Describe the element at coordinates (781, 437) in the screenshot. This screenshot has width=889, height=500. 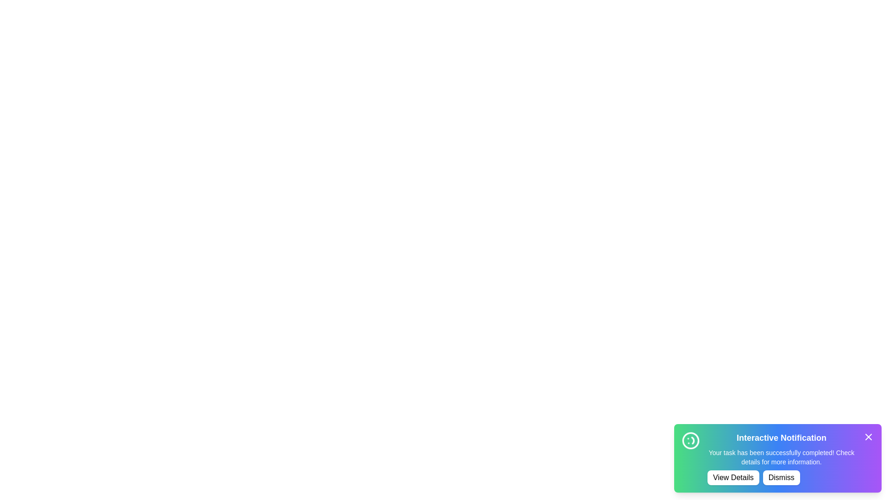
I see `the text 'Interactive Notification' to select it` at that location.